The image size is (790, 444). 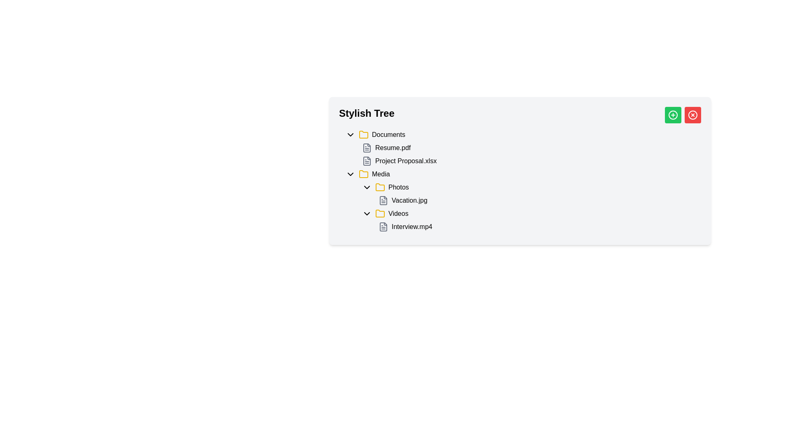 I want to click on on the text label 'Documents' located, so click(x=388, y=134).